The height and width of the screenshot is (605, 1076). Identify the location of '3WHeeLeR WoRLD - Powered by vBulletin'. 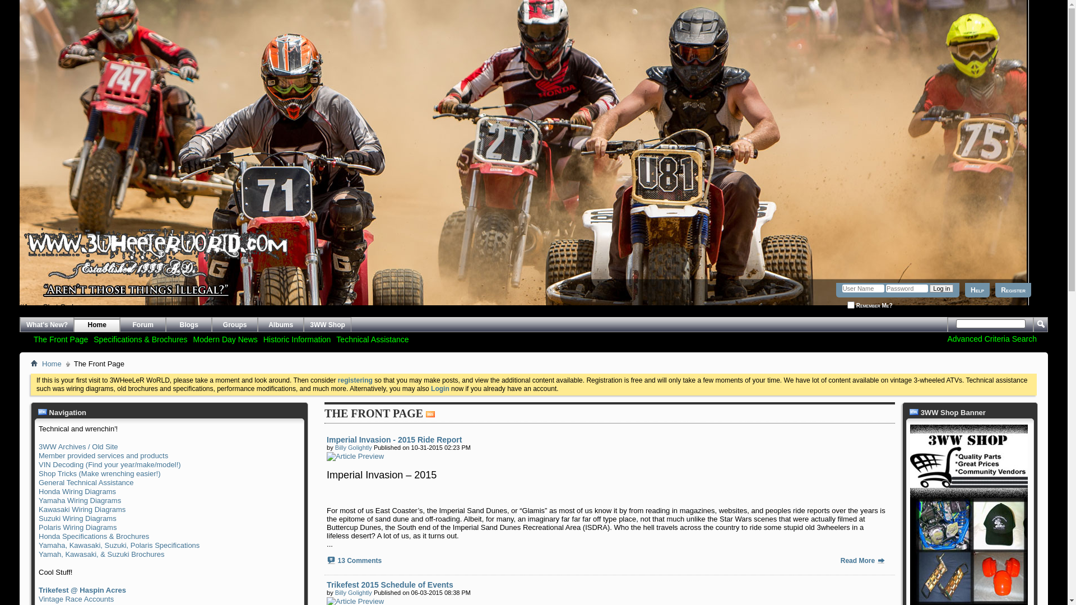
(20, 282).